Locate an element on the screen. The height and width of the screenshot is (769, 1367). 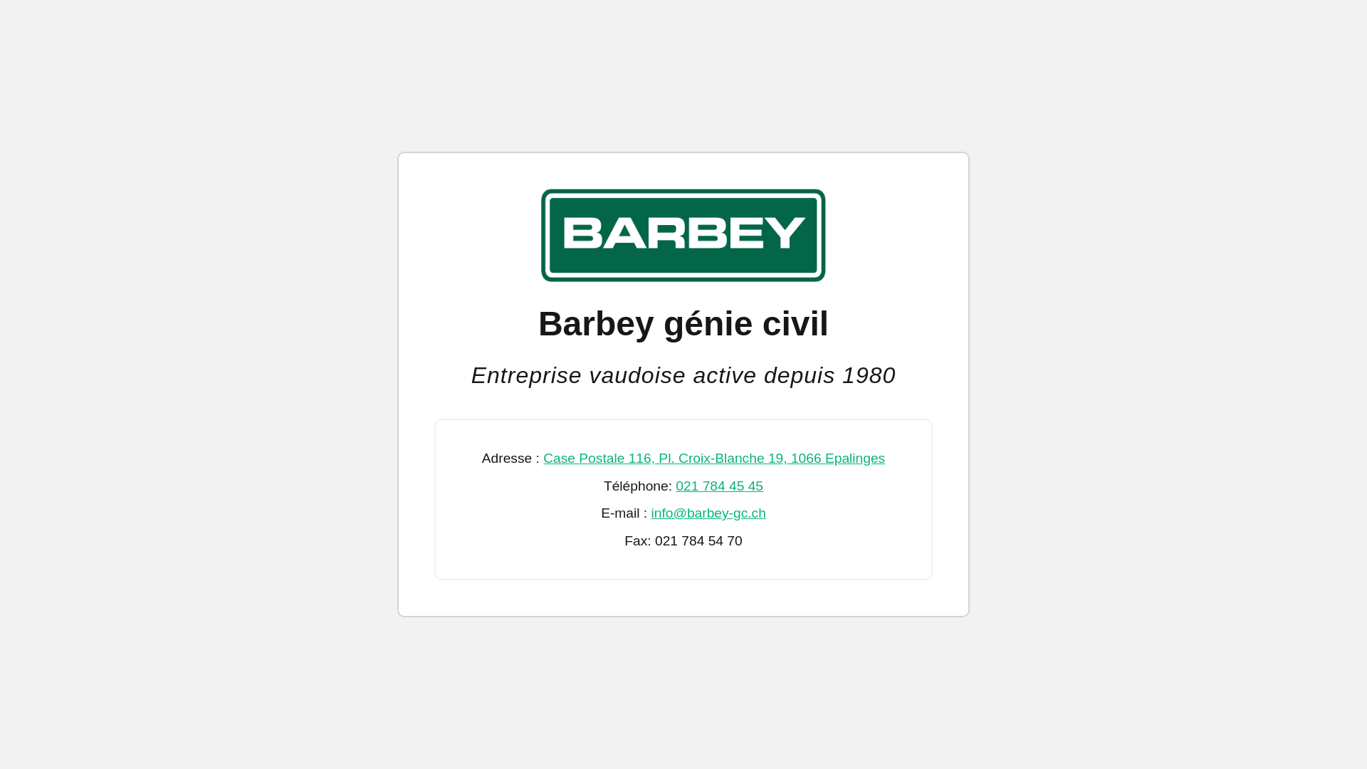
'info@barbey-gc.ch' is located at coordinates (708, 513).